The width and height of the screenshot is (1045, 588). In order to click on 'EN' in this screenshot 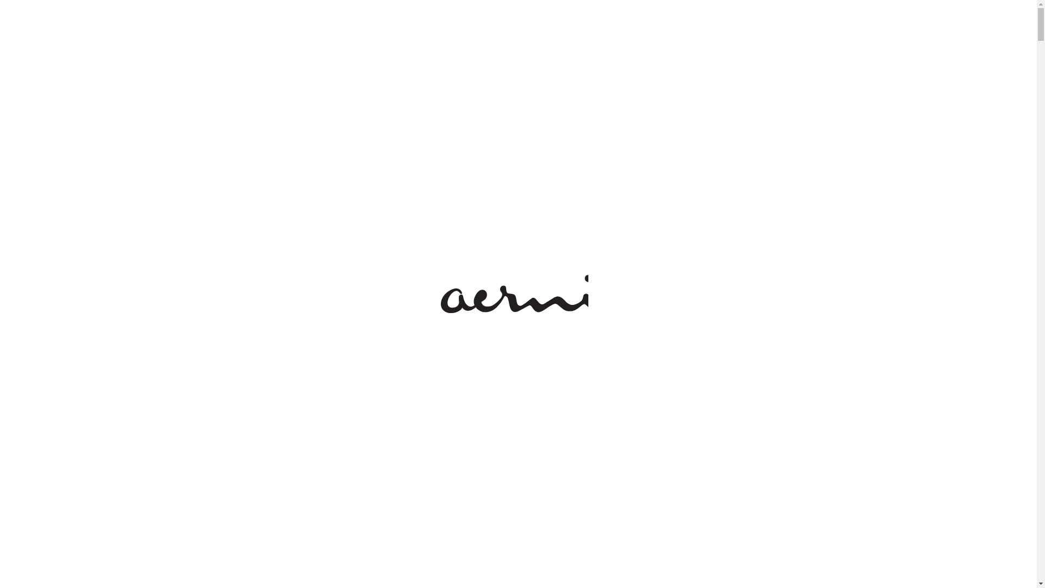, I will do `click(996, 27)`.